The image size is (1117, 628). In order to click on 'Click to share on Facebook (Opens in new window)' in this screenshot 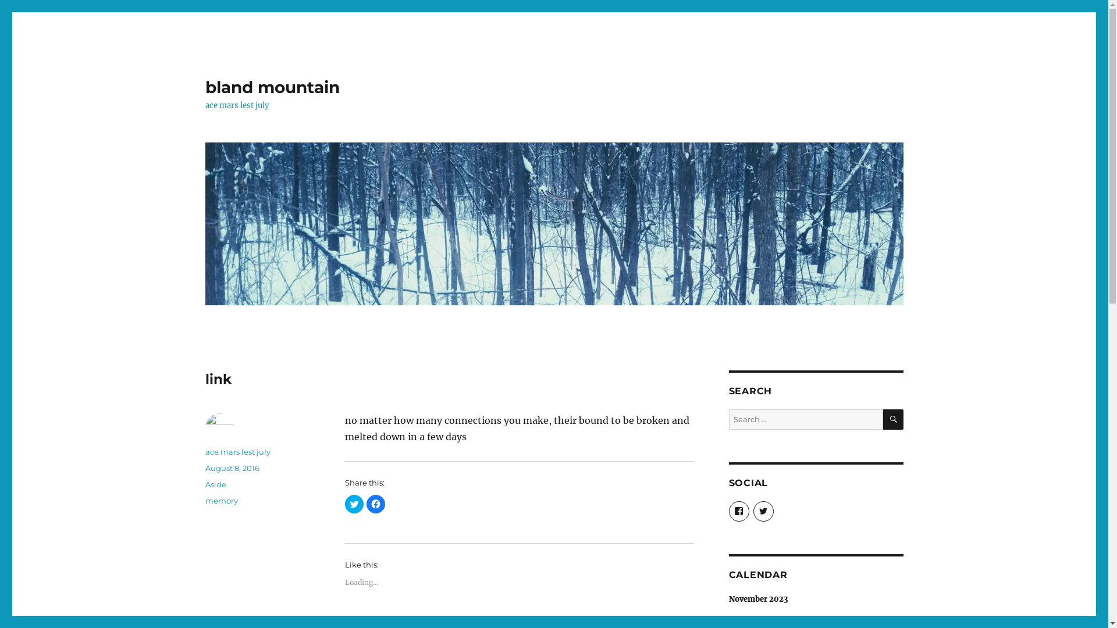, I will do `click(376, 504)`.